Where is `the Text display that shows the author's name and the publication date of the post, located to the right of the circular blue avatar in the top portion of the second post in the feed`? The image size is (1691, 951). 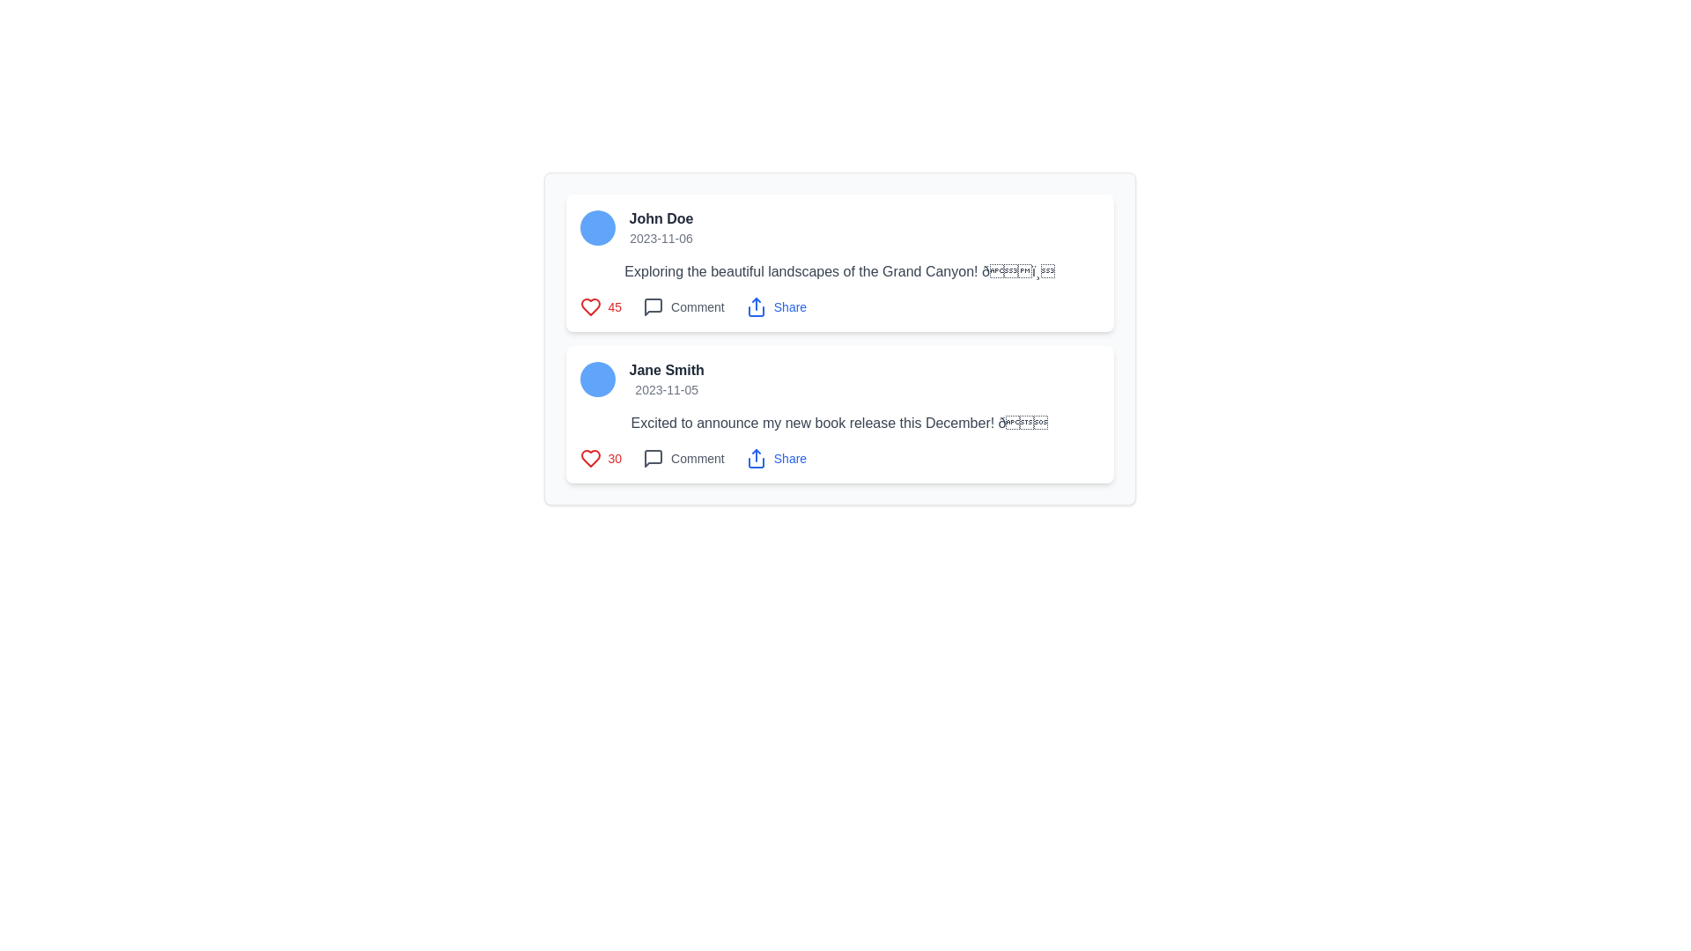
the Text display that shows the author's name and the publication date of the post, located to the right of the circular blue avatar in the top portion of the second post in the feed is located at coordinates (666, 379).